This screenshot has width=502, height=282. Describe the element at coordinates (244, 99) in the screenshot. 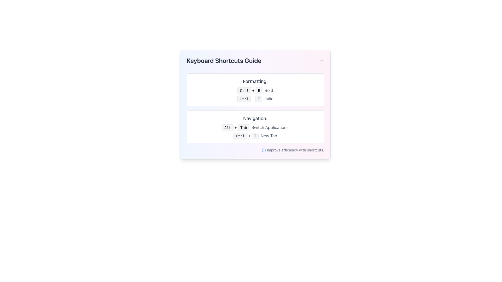

I see `the 'Ctrl' key label in the 'Formatting' section of the 'Keyboard Shortcuts Guide' panel, which is used for italicizing text` at that location.